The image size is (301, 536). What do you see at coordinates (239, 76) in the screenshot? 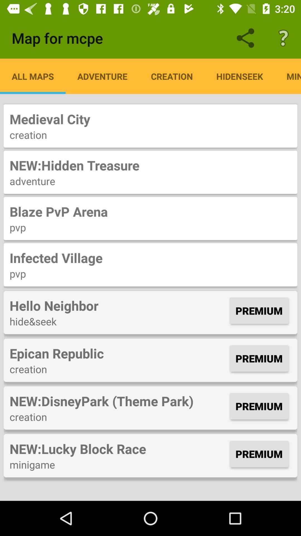
I see `the hidenseek` at bounding box center [239, 76].